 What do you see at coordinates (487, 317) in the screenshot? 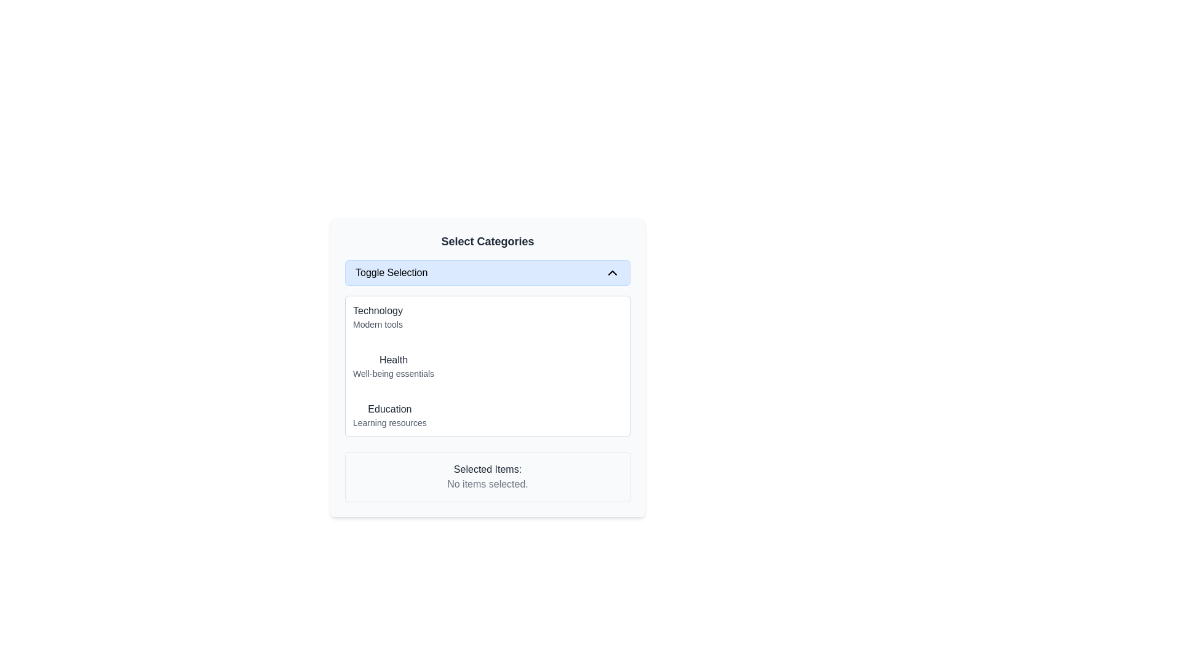
I see `the 'Technology' category button, which is the first item in the selectable list under the 'Select Categories' section` at bounding box center [487, 317].